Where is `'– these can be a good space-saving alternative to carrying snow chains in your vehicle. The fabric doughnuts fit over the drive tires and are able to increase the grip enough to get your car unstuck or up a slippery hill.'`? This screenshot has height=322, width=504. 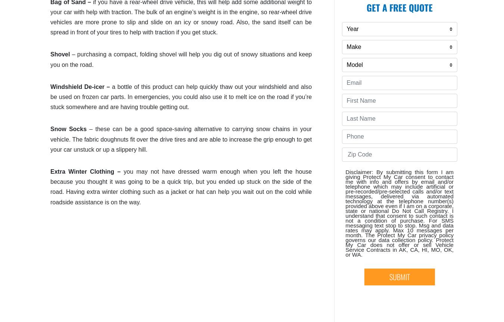 '– these can be a good space-saving alternative to carrying snow chains in your vehicle. The fabric doughnuts fit over the drive tires and are able to increase the grip enough to get your car unstuck or up a slippery hill.' is located at coordinates (181, 139).